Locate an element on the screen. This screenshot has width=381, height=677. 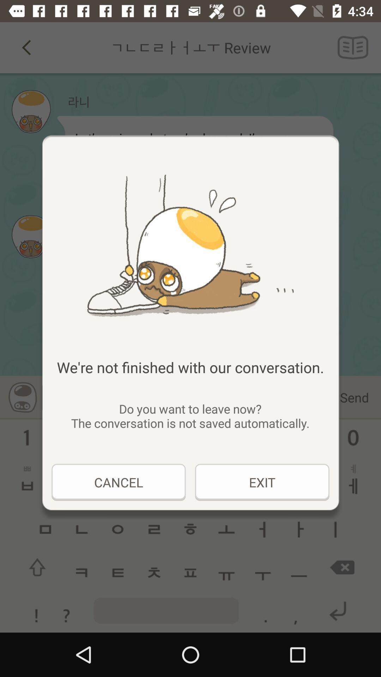
the exit at the bottom right corner is located at coordinates (262, 482).